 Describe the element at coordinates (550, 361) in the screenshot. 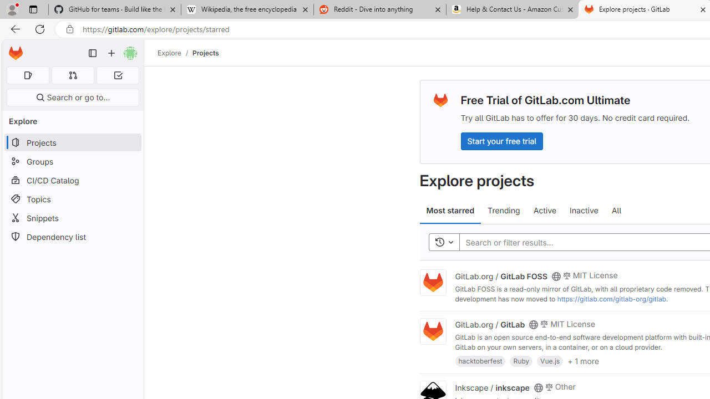

I see `'Vue.js'` at that location.